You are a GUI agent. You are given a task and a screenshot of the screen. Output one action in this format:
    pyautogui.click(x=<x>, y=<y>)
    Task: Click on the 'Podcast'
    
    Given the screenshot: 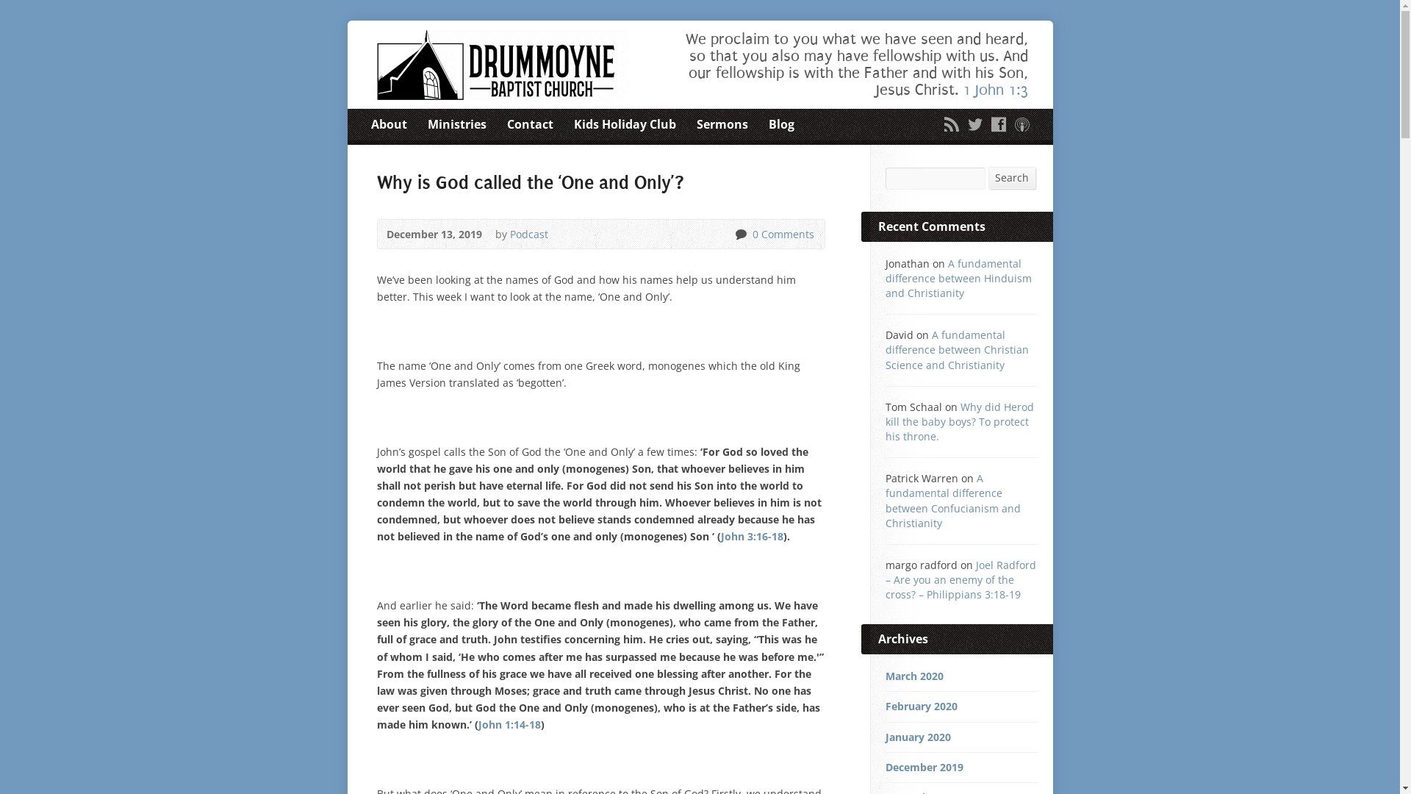 What is the action you would take?
    pyautogui.click(x=1021, y=124)
    